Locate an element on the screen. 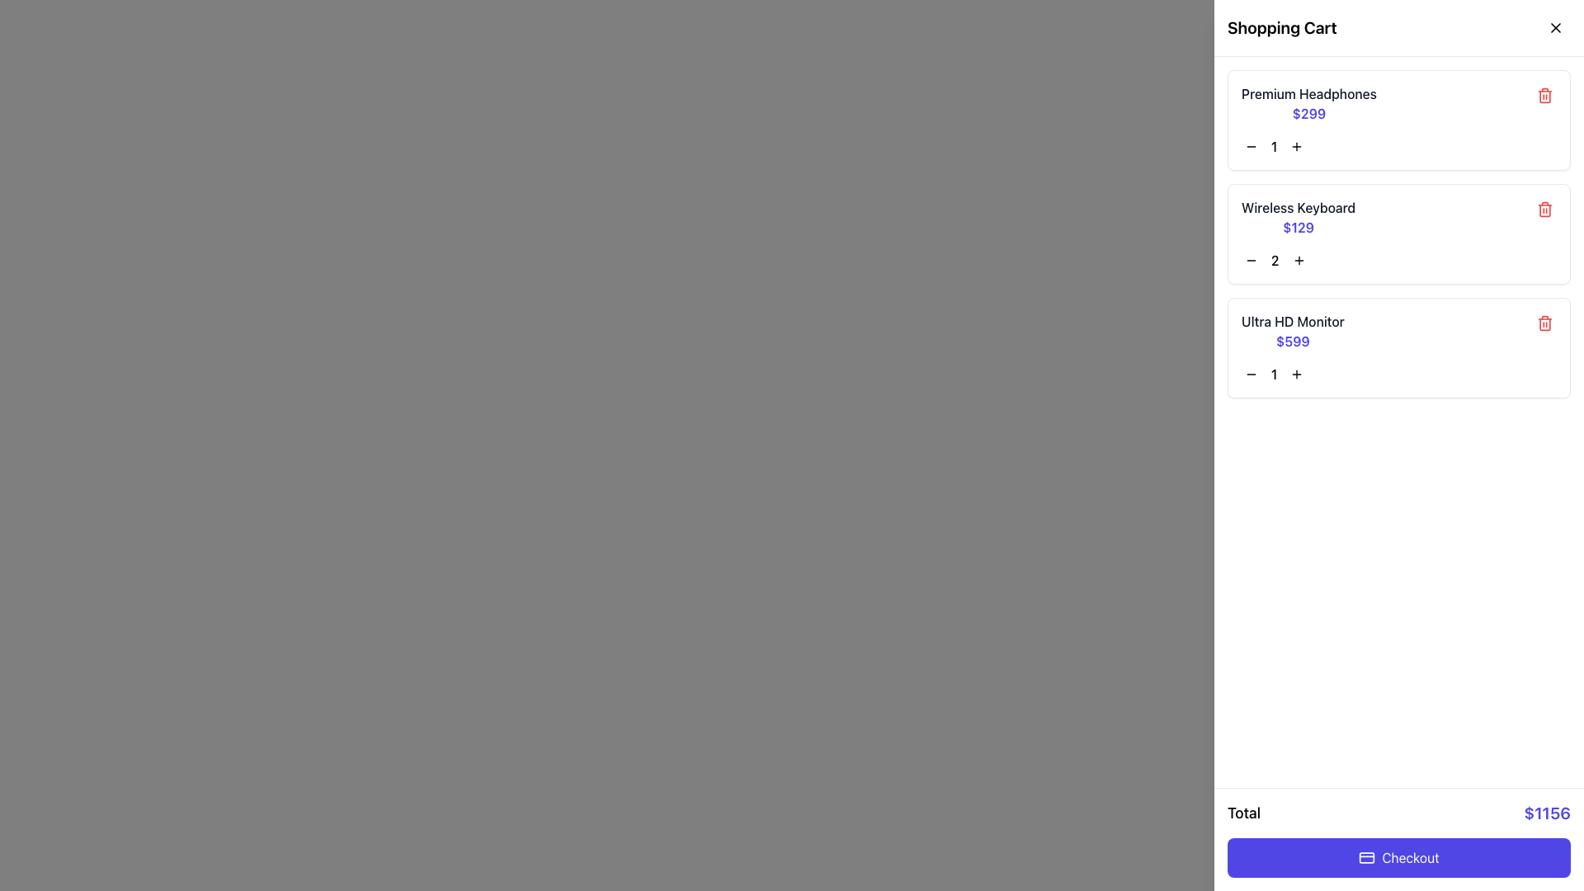  the quantity selector buttons of the 'Ultra HD Monitor' item in the shopping cart is located at coordinates (1398, 375).